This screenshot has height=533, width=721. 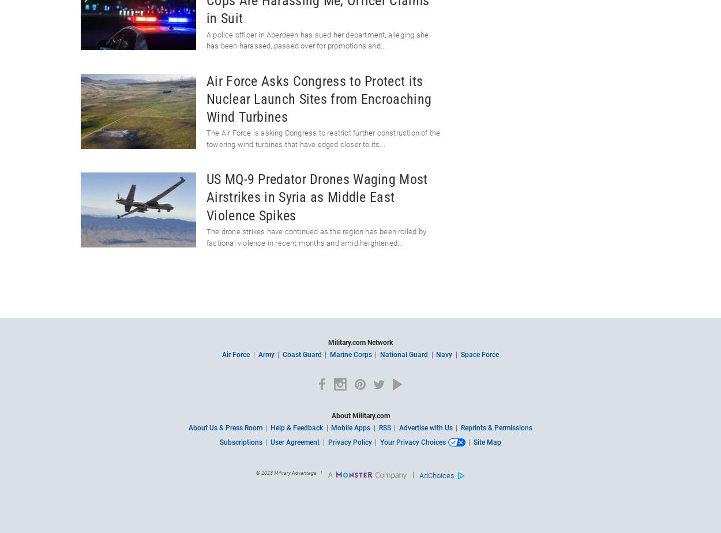 What do you see at coordinates (349, 442) in the screenshot?
I see `'Privacy Policy'` at bounding box center [349, 442].